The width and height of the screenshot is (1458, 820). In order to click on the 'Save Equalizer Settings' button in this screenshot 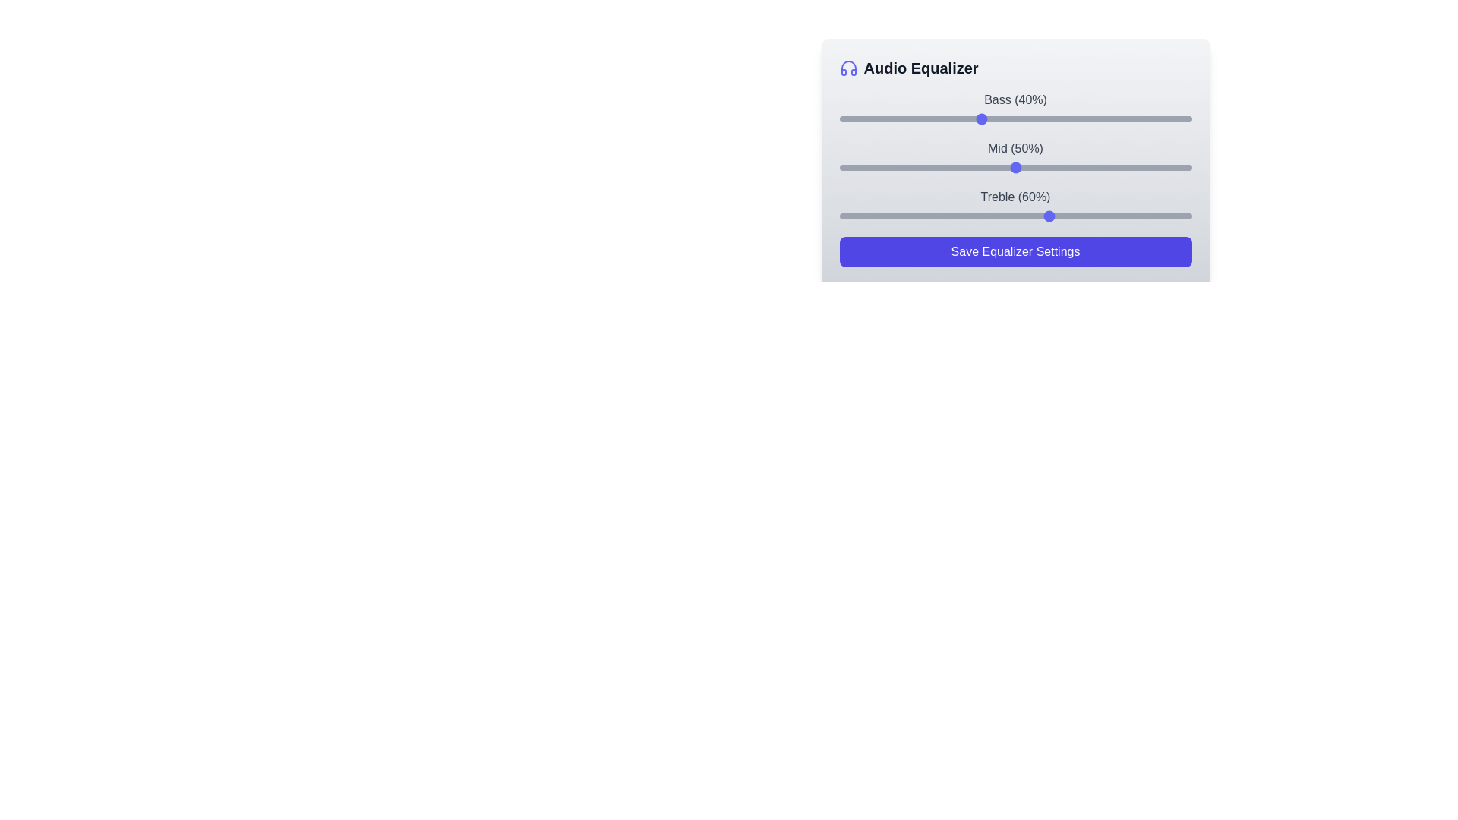, I will do `click(1015, 251)`.